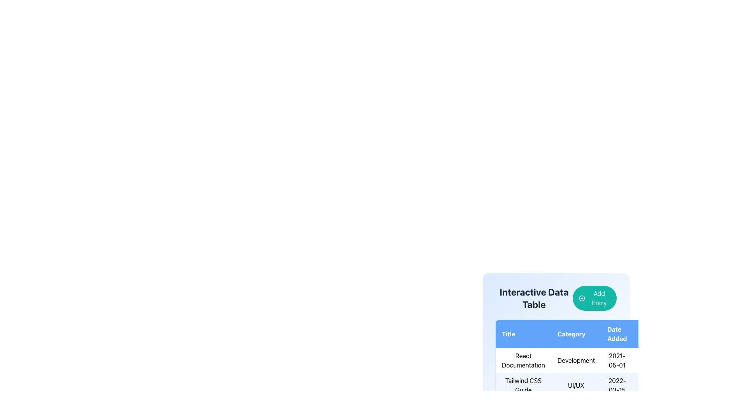 The image size is (747, 420). What do you see at coordinates (582, 373) in the screenshot?
I see `the second row of the data table containing the cells 'Tailwind CSS Guide', 'UI/UX', and '2022-03-15'` at bounding box center [582, 373].